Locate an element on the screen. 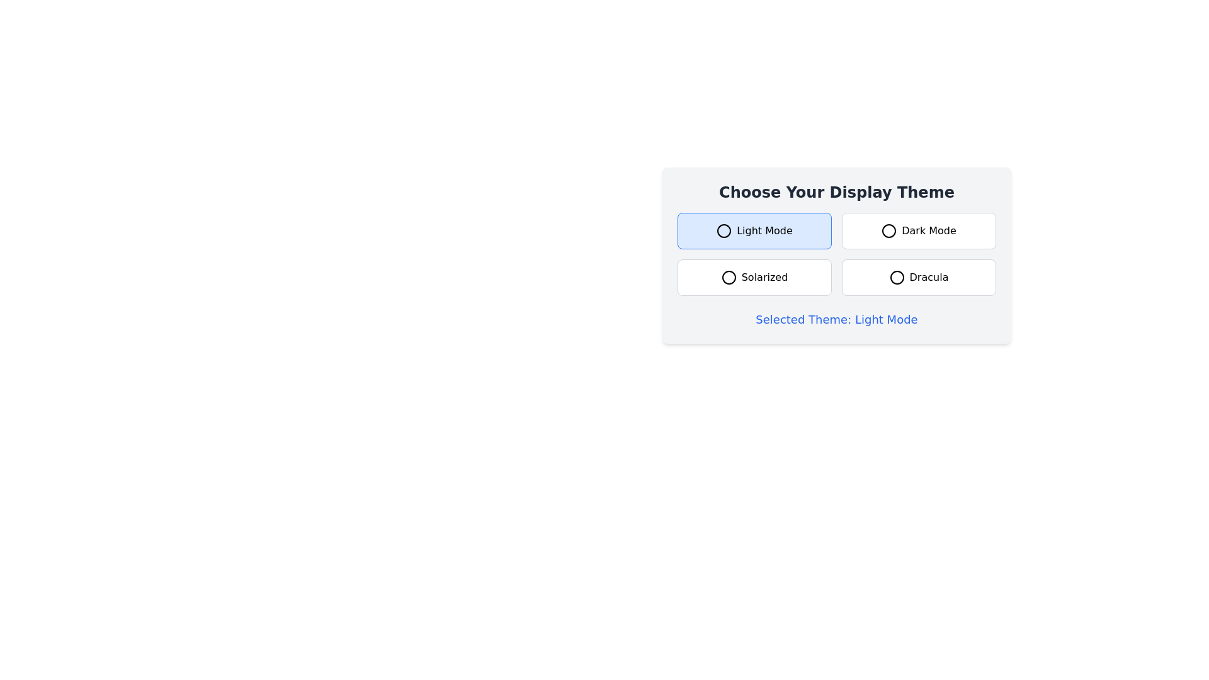 The height and width of the screenshot is (680, 1209). the 'Dark Mode' radio button to visualize hover effects is located at coordinates (888, 230).